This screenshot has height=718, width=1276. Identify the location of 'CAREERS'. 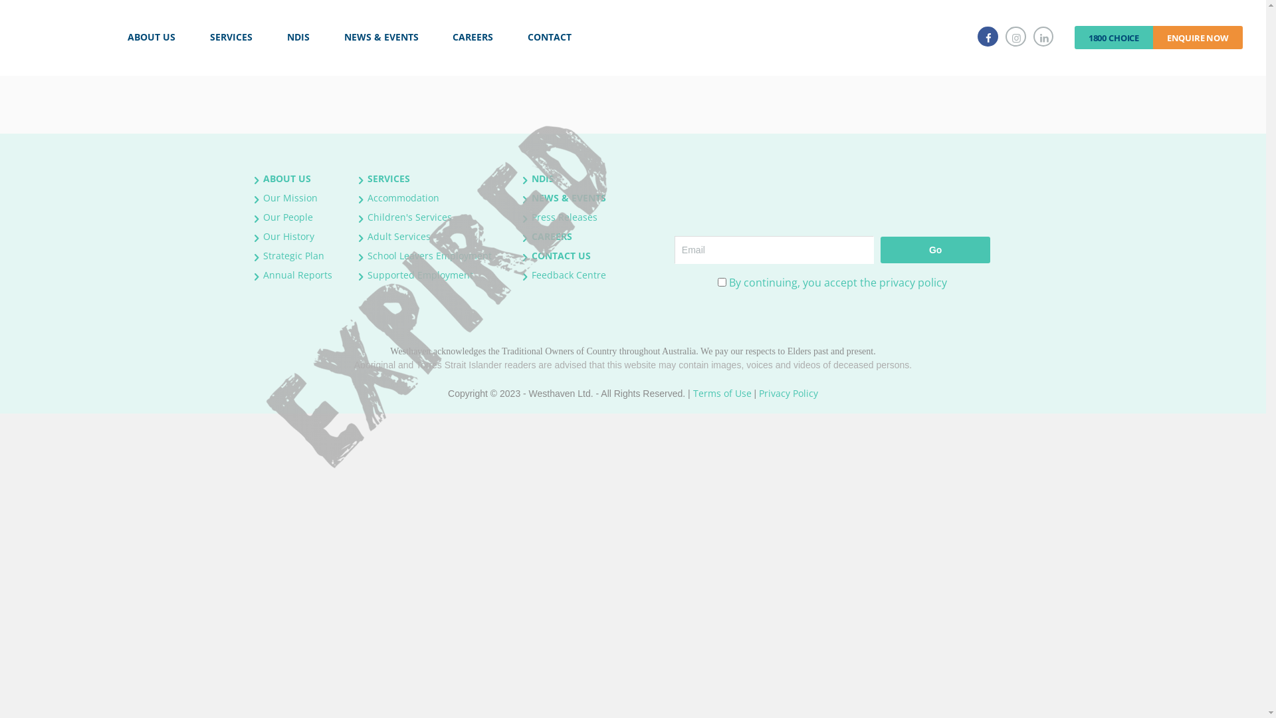
(532, 235).